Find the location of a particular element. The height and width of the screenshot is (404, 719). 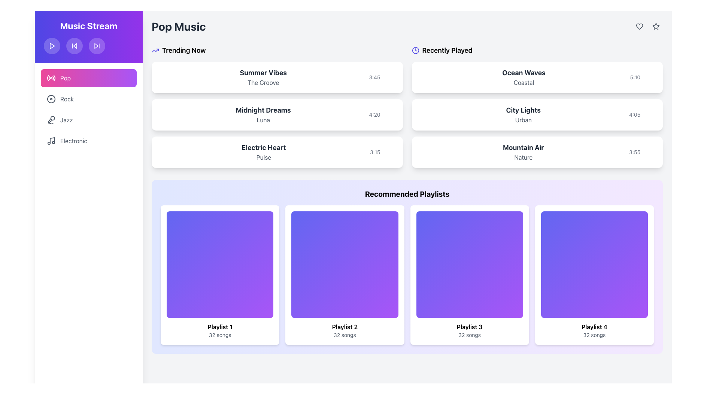

the square background graphic element with a gradient fill located in the fourth tile of the 'Recommended Playlists' section is located at coordinates (594, 264).